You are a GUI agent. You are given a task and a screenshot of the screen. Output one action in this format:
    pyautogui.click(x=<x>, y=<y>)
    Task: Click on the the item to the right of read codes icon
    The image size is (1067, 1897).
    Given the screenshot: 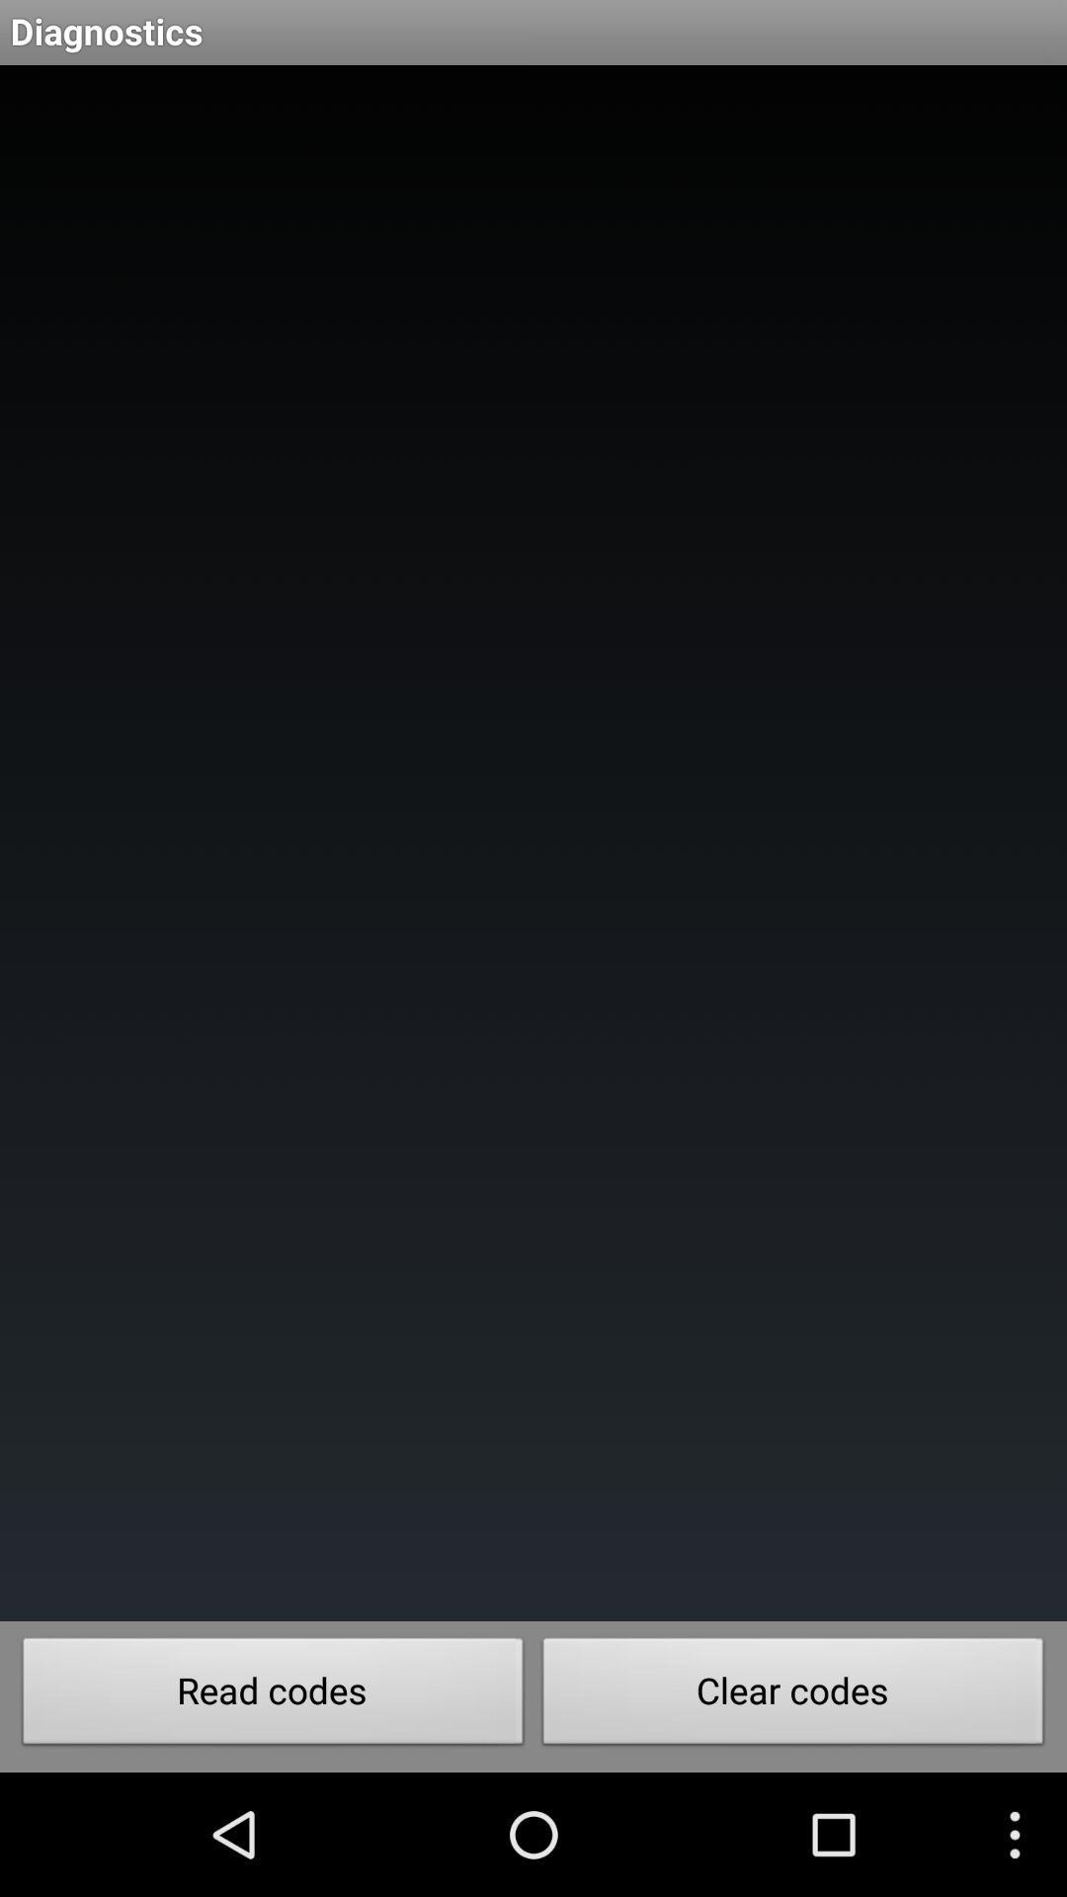 What is the action you would take?
    pyautogui.click(x=792, y=1695)
    